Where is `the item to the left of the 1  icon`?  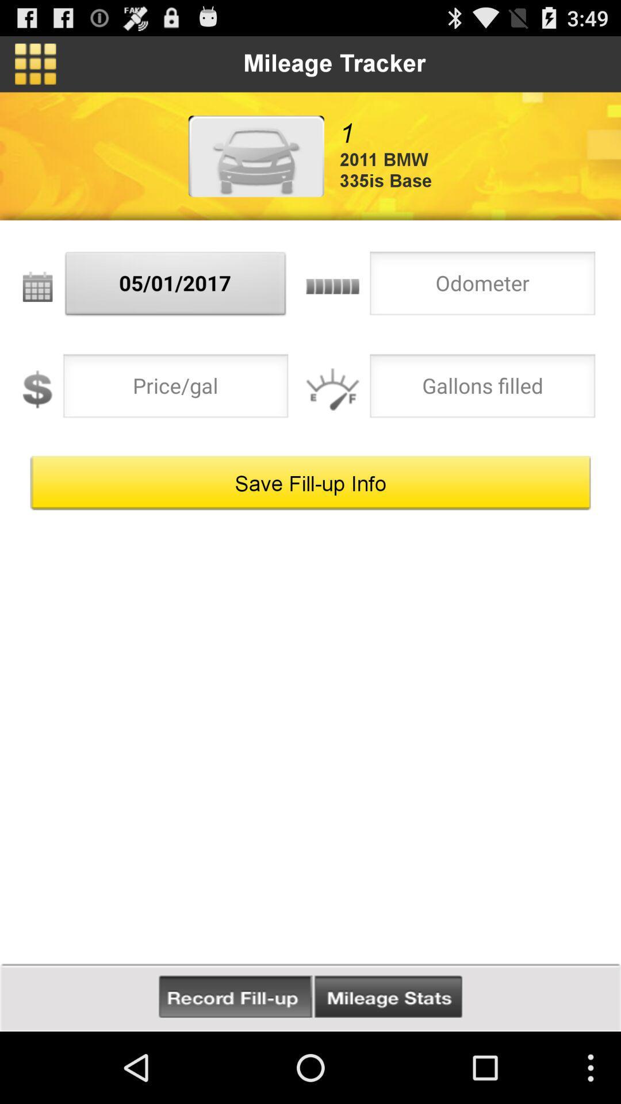 the item to the left of the 1  icon is located at coordinates (255, 155).